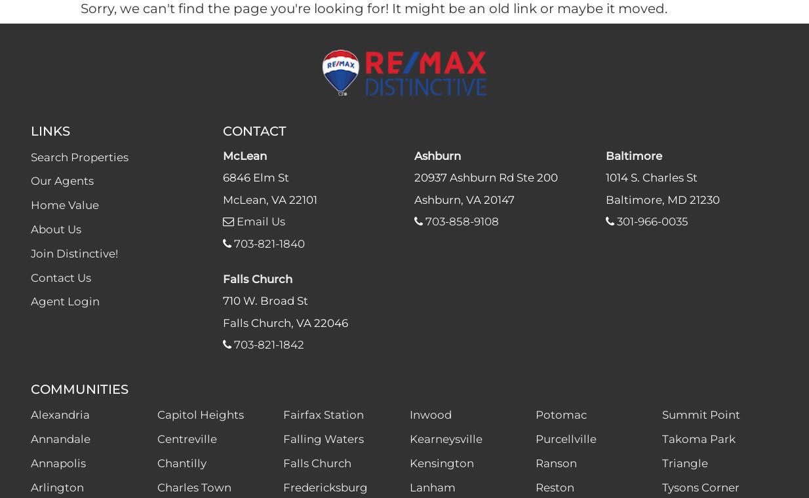 Image resolution: width=809 pixels, height=498 pixels. Describe the element at coordinates (254, 129) in the screenshot. I see `'CONTACT'` at that location.